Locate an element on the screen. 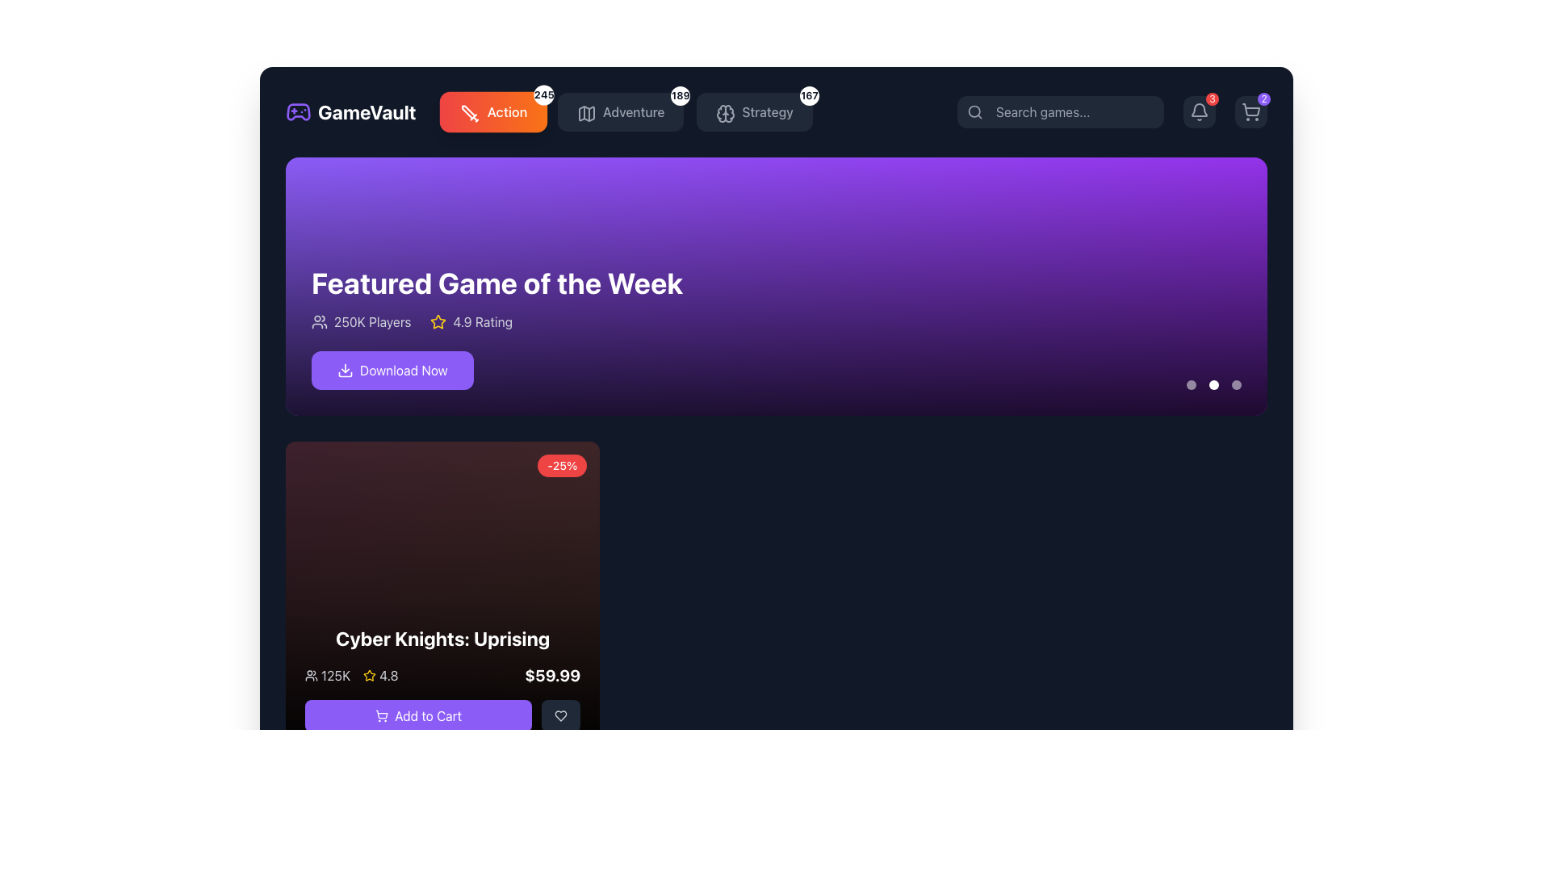  the circles of the carousel indicator is located at coordinates (1213, 385).